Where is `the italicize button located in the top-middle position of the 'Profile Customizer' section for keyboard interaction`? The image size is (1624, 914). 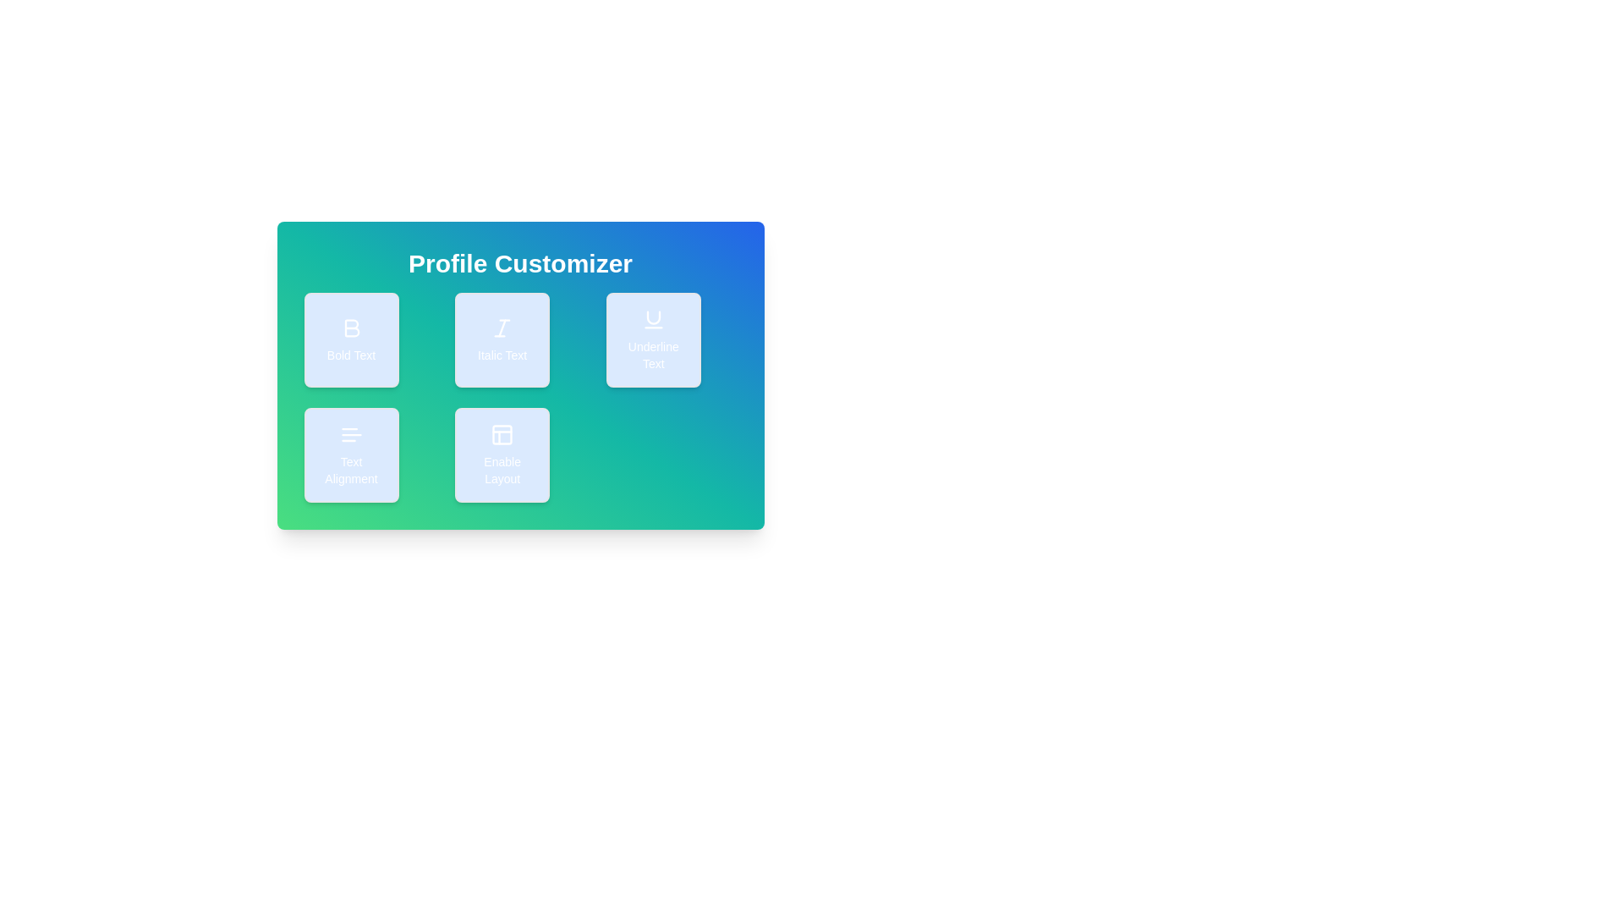 the italicize button located in the top-middle position of the 'Profile Customizer' section for keyboard interaction is located at coordinates (519, 374).